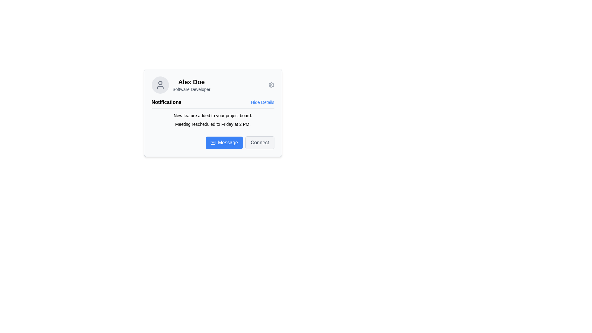 This screenshot has width=592, height=333. What do you see at coordinates (191, 85) in the screenshot?
I see `information displayed in the Text block containing 'Alex Doe' and 'Software Developer', which is positioned above the 'Notifications' section in the card layout` at bounding box center [191, 85].